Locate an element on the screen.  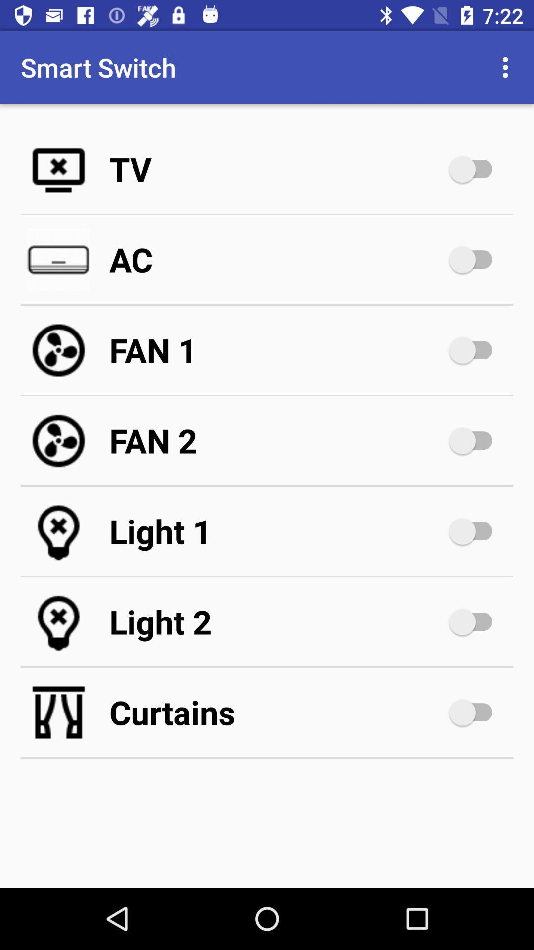
light 2 is located at coordinates (475, 621).